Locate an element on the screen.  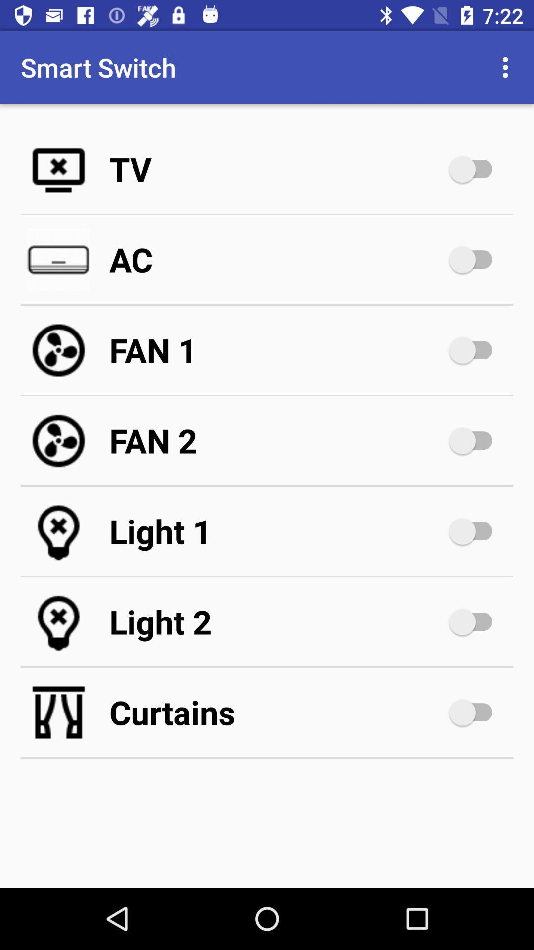
light 2 is located at coordinates (475, 621).